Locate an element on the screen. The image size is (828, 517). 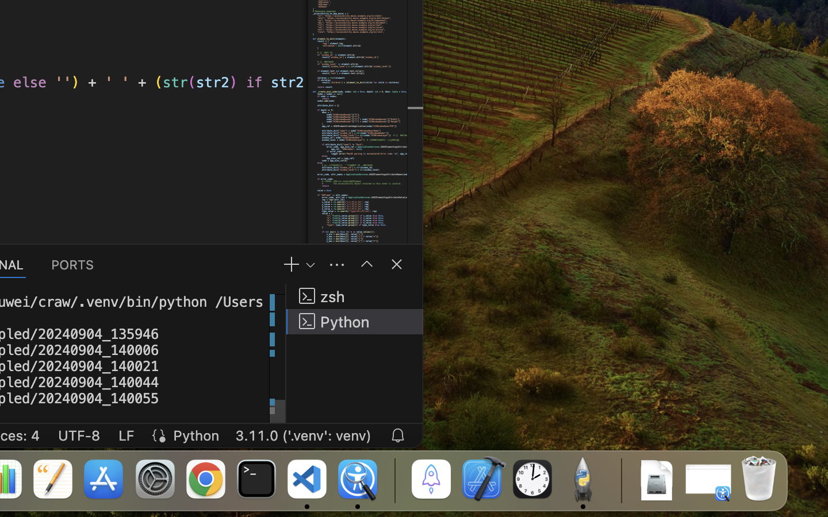
'0.4285714328289032' is located at coordinates (394, 480).